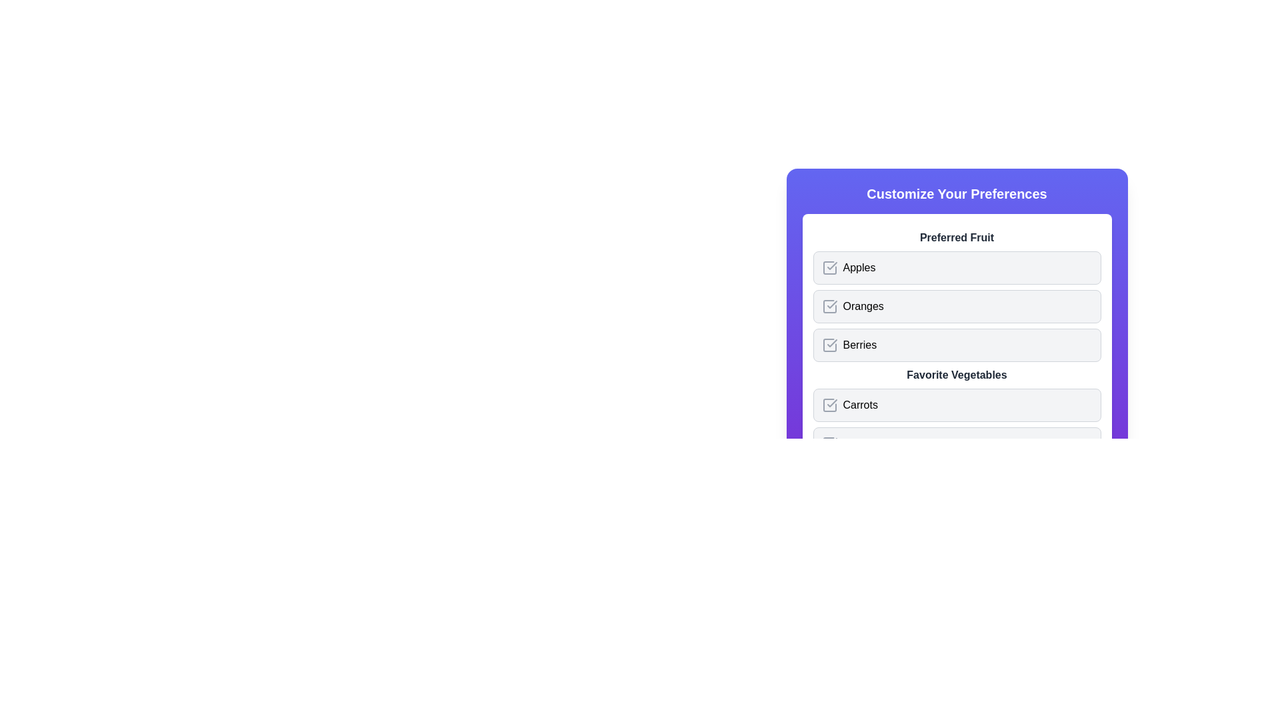 This screenshot has width=1280, height=720. Describe the element at coordinates (956, 405) in the screenshot. I see `the 'Carrots' checkbox` at that location.